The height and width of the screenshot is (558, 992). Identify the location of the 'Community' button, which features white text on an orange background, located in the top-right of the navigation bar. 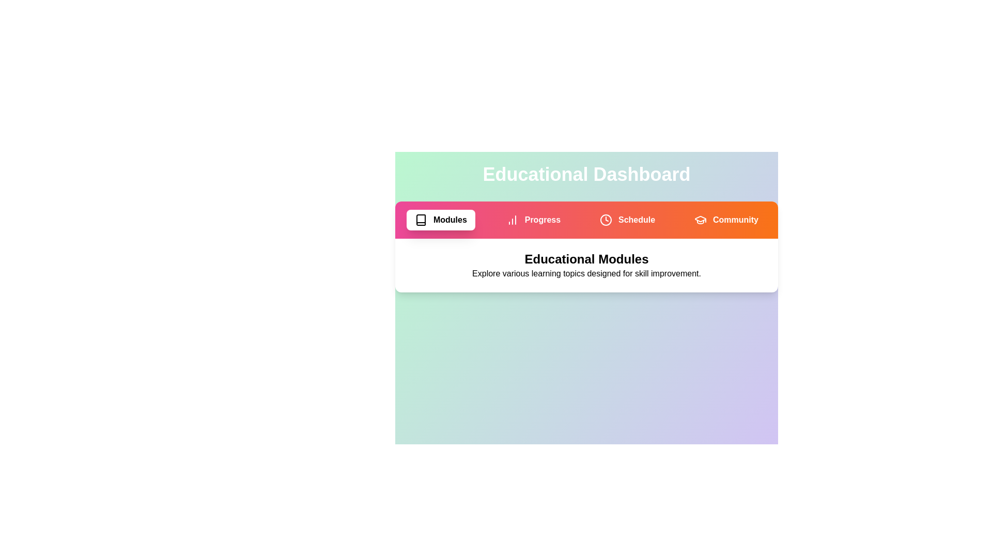
(735, 219).